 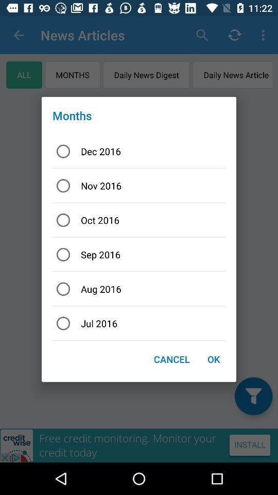 I want to click on ok, so click(x=213, y=359).